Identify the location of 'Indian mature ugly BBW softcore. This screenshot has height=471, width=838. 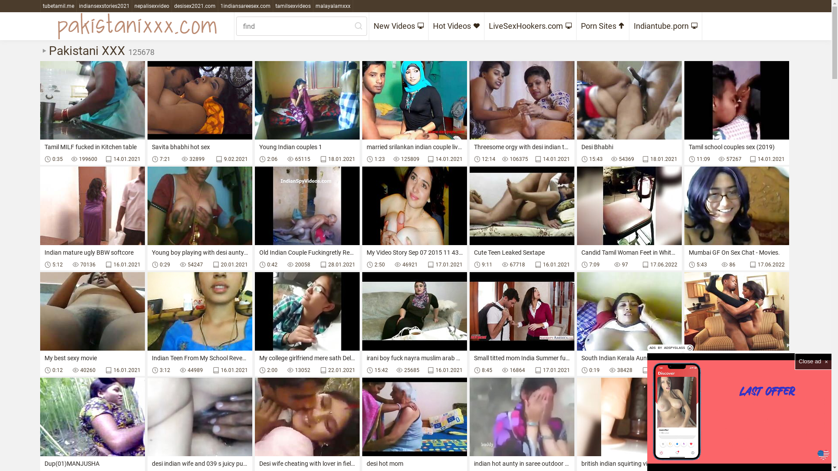
(92, 218).